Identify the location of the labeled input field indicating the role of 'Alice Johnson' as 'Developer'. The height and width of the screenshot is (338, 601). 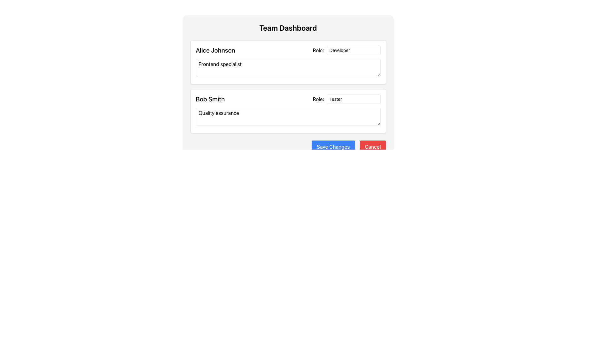
(346, 50).